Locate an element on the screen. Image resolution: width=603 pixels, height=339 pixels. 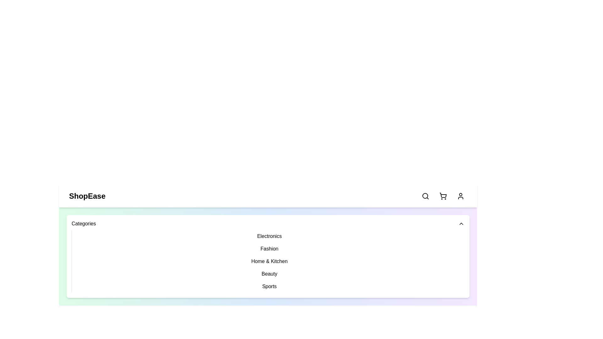
the 'Sports' text label, which is styled in a typical list format with black text on a white background is located at coordinates (269, 287).